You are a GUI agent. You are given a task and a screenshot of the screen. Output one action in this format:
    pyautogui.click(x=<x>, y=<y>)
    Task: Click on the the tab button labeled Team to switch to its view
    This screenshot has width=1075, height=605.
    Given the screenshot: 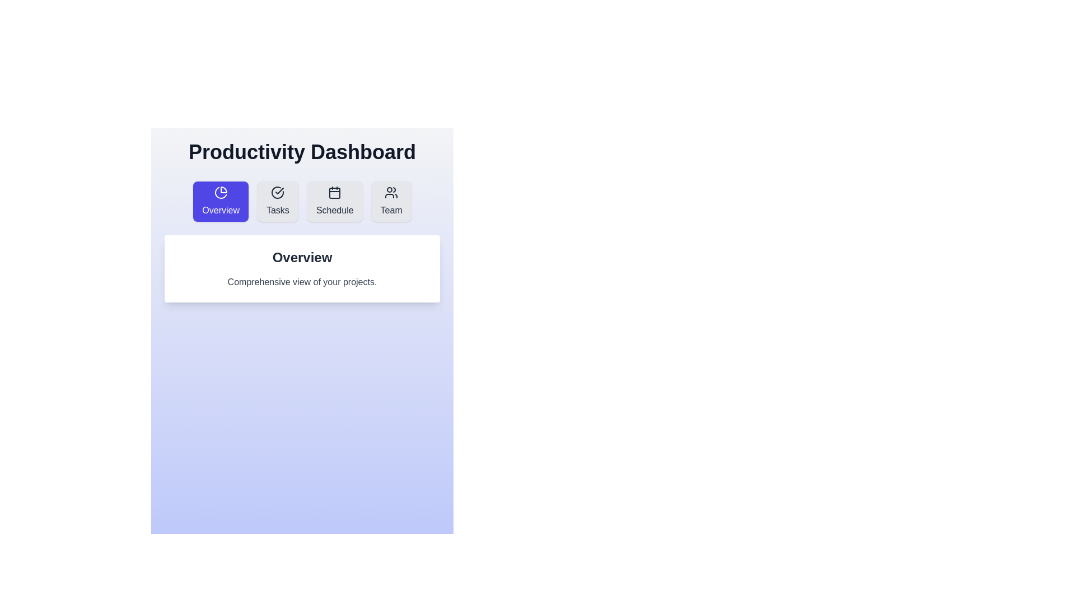 What is the action you would take?
    pyautogui.click(x=391, y=201)
    